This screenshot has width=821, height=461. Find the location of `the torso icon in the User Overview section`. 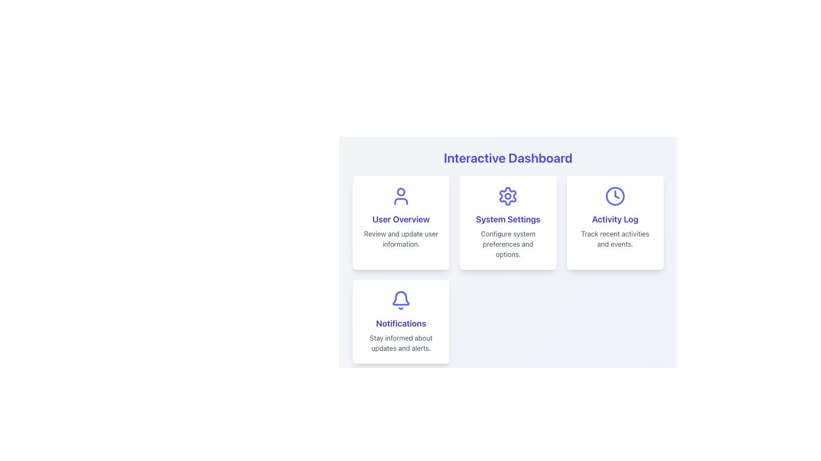

the torso icon in the User Overview section is located at coordinates (401, 201).